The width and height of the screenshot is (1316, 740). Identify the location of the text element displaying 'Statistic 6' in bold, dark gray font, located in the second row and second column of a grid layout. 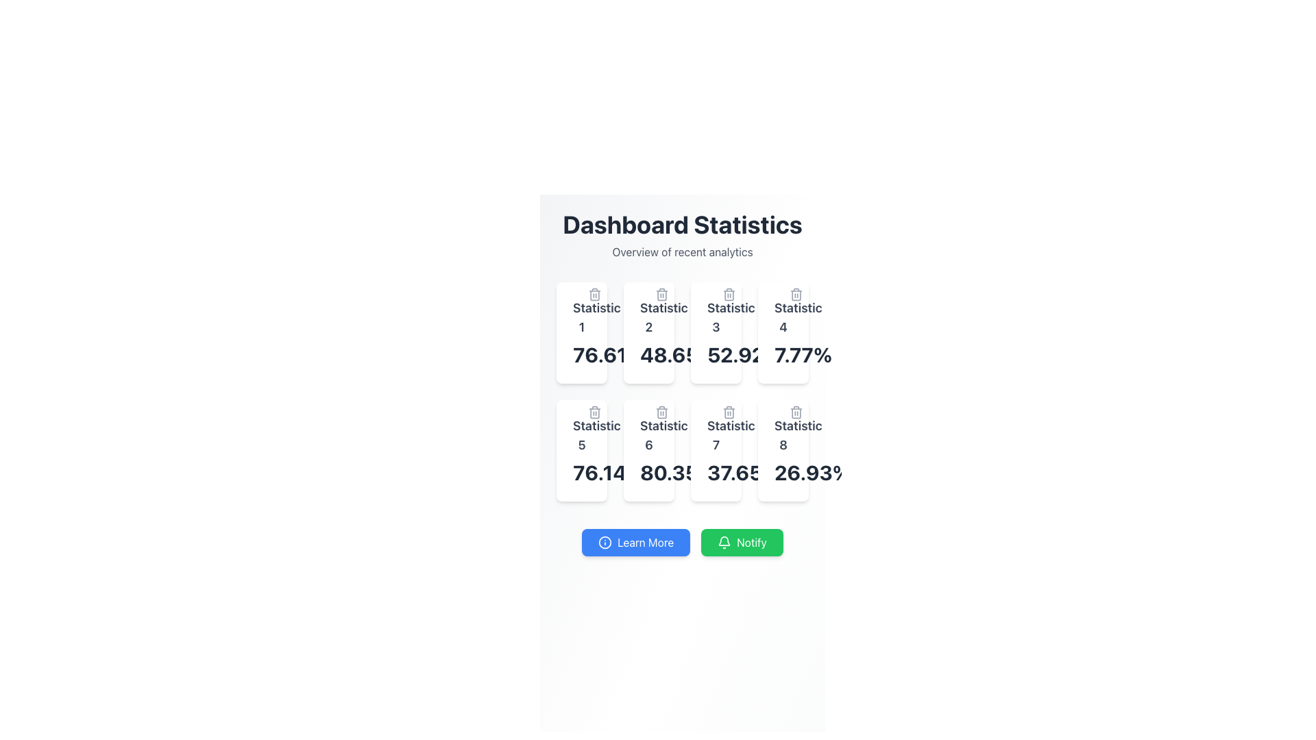
(648, 436).